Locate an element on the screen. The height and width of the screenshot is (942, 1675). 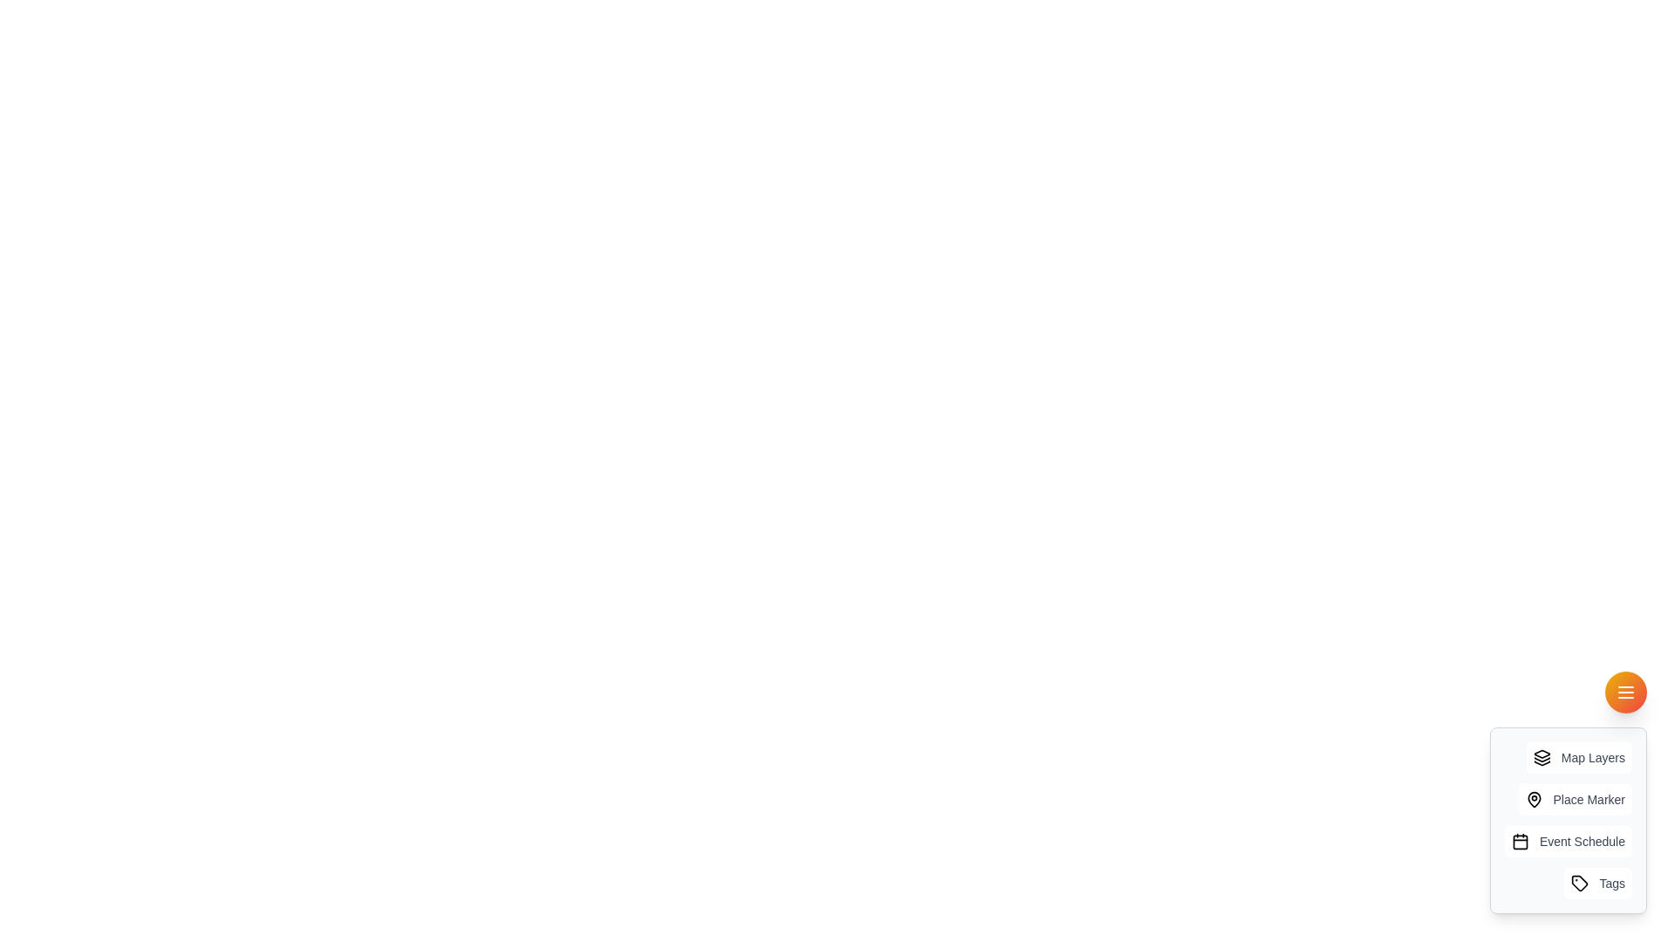
the 'Map Layers' item is located at coordinates (1578, 756).